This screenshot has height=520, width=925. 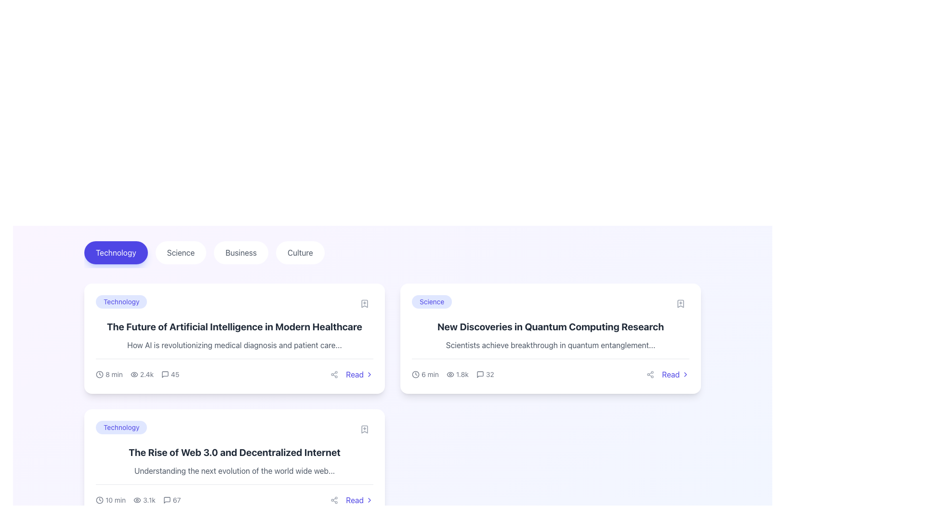 I want to click on the graphical icons (clock, eye, comment) in the informational bar of the blog article card located in the Technology category, so click(x=234, y=495).